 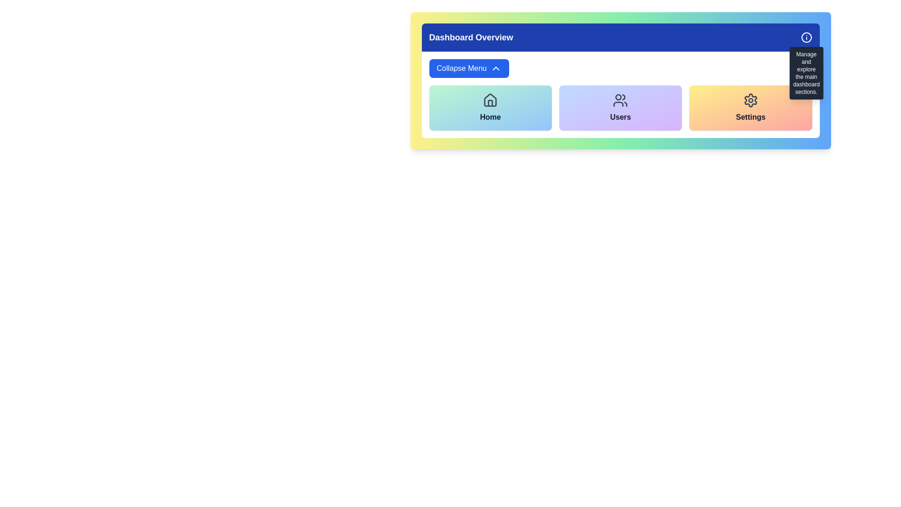 I want to click on the user-related functionalities button, which is the second card in a row of three, positioned between the 'Home' and 'Settings' cards, so click(x=620, y=108).